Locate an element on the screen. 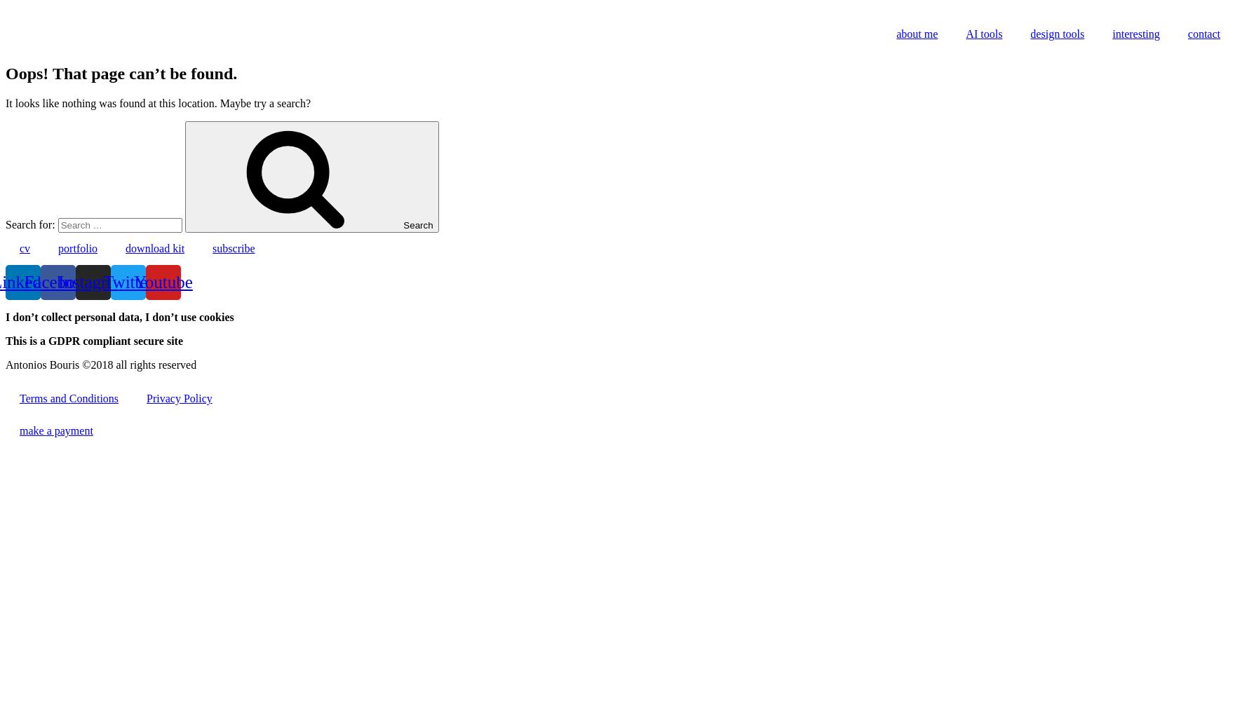  'This is a GDPR compliant secure site' is located at coordinates (93, 339).